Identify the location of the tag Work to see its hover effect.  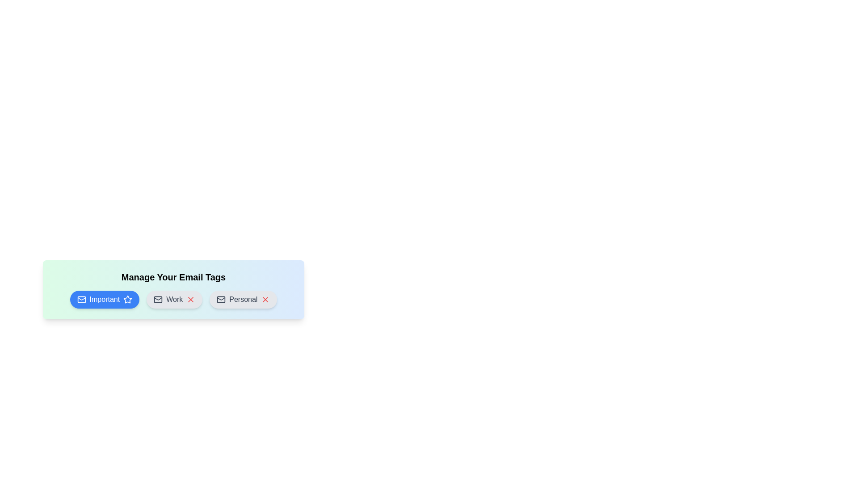
(174, 300).